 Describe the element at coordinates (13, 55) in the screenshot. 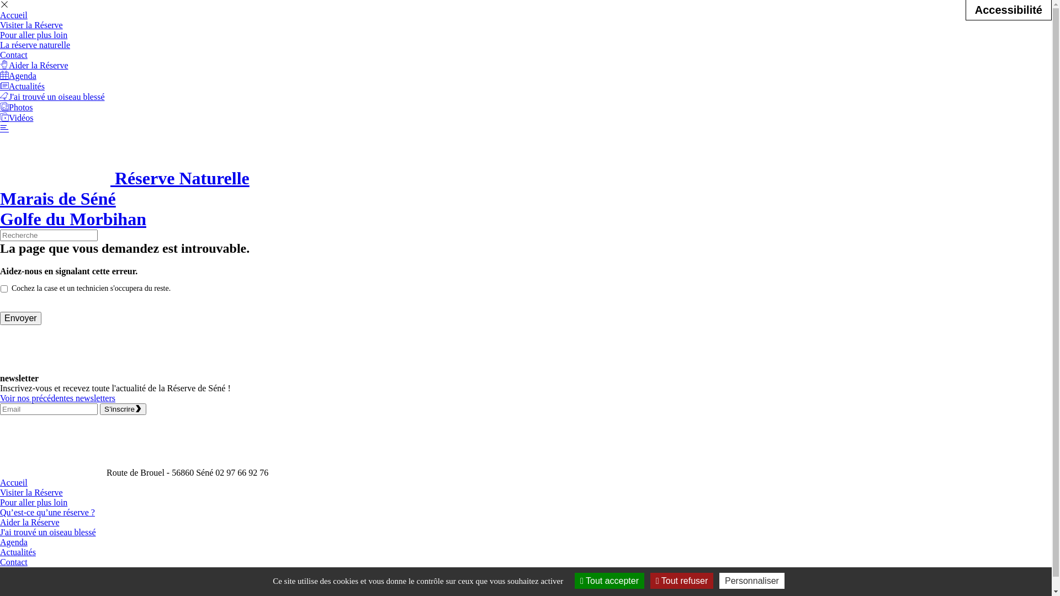

I see `'Contact'` at that location.